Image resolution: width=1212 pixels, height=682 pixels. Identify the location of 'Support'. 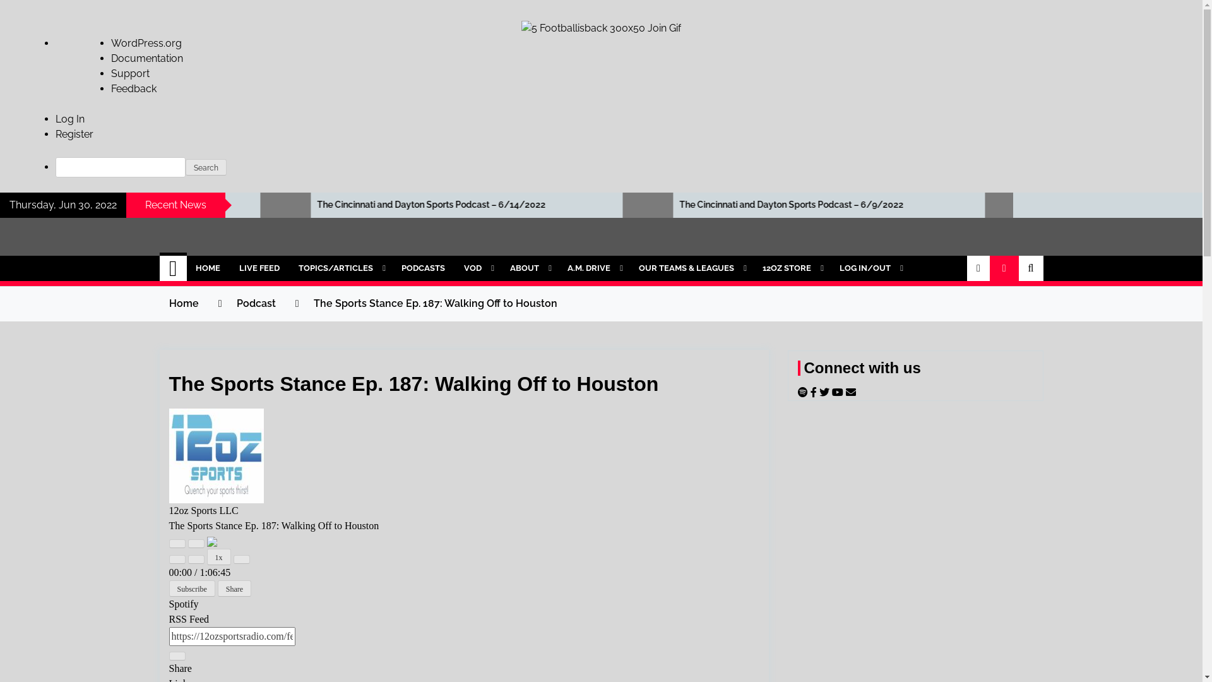
(130, 73).